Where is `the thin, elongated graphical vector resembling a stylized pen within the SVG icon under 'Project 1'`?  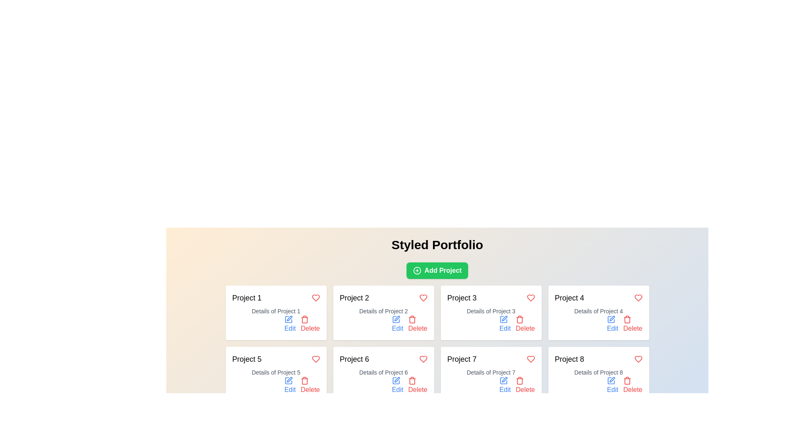 the thin, elongated graphical vector resembling a stylized pen within the SVG icon under 'Project 1' is located at coordinates (289, 318).